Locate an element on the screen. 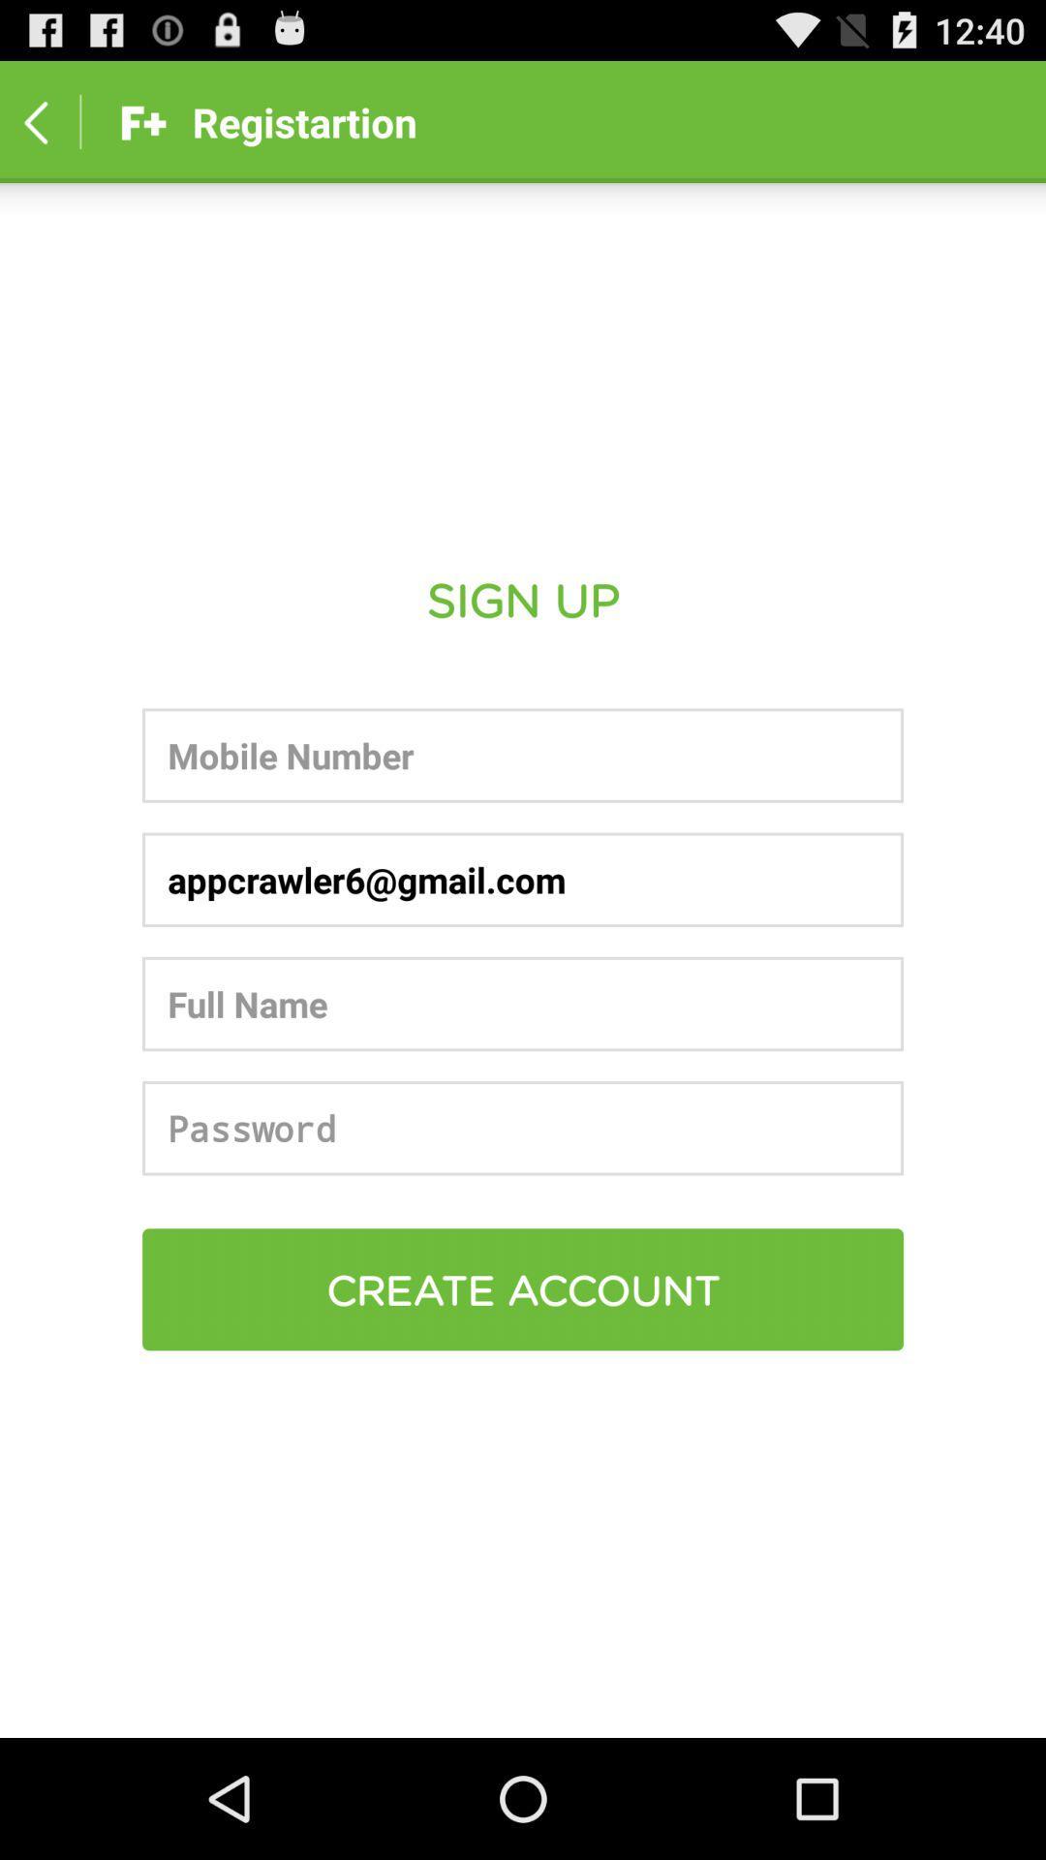 Image resolution: width=1046 pixels, height=1860 pixels. mobile number is located at coordinates (523, 754).